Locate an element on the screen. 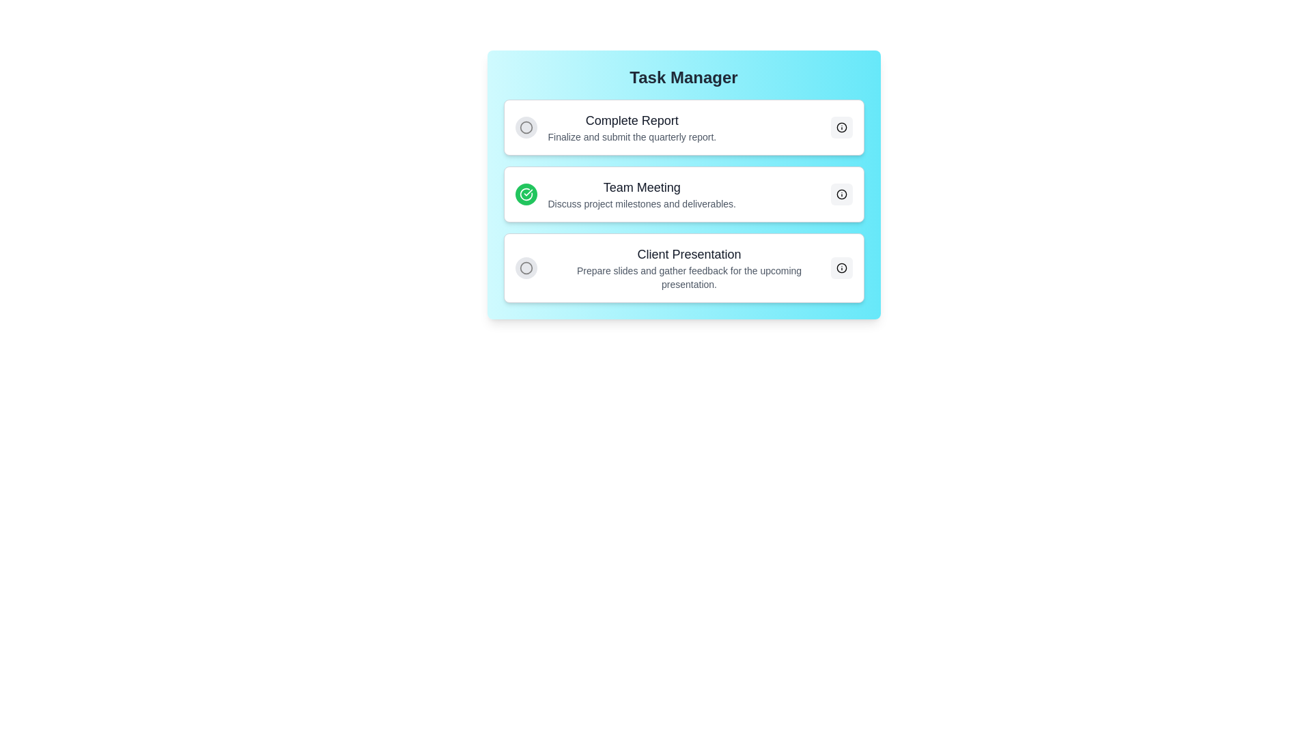  the circular Checkbox-like button with a light gray background located in the 'Client Presentation' task display is located at coordinates (525, 268).